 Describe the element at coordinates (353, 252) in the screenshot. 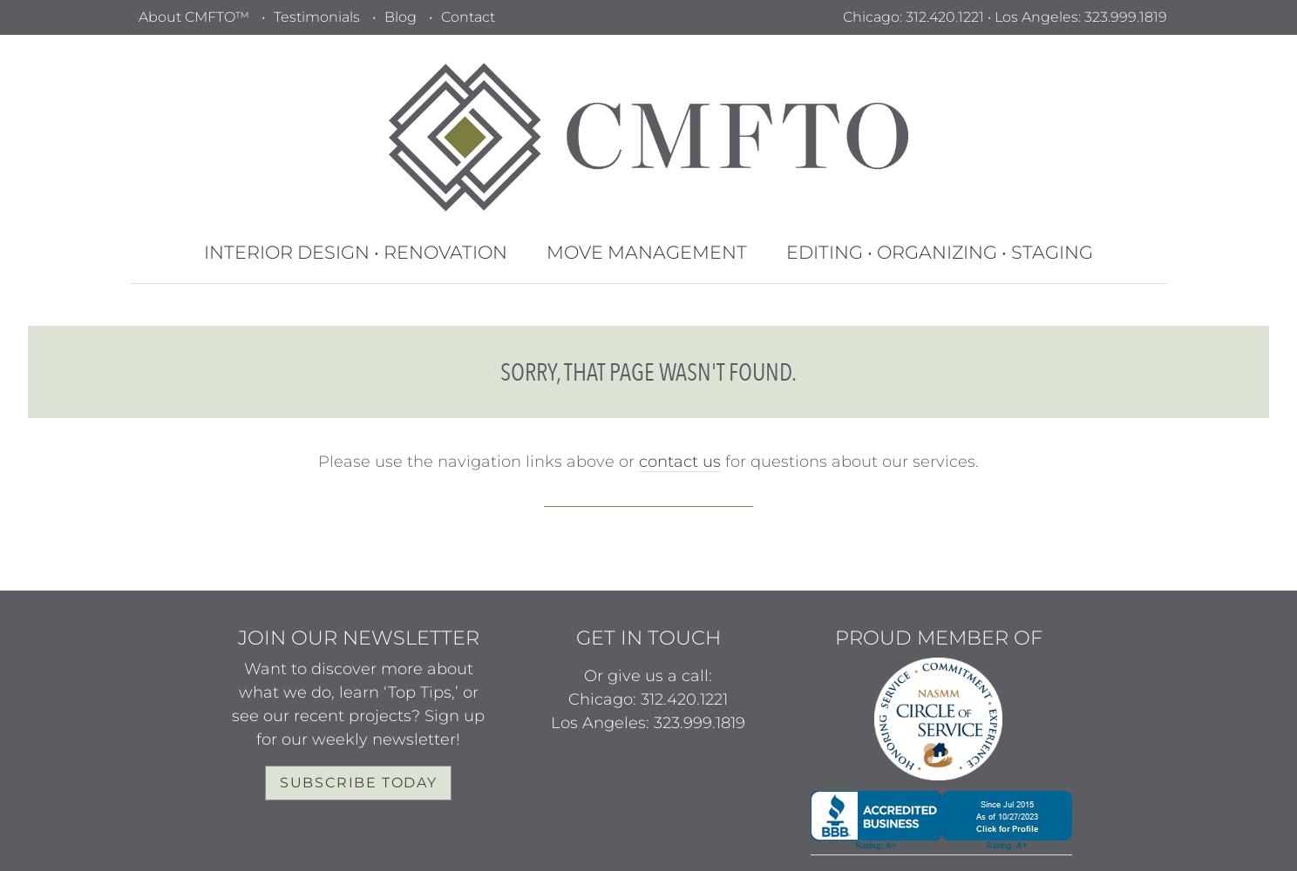

I see `'Interior Design • Renovation'` at that location.